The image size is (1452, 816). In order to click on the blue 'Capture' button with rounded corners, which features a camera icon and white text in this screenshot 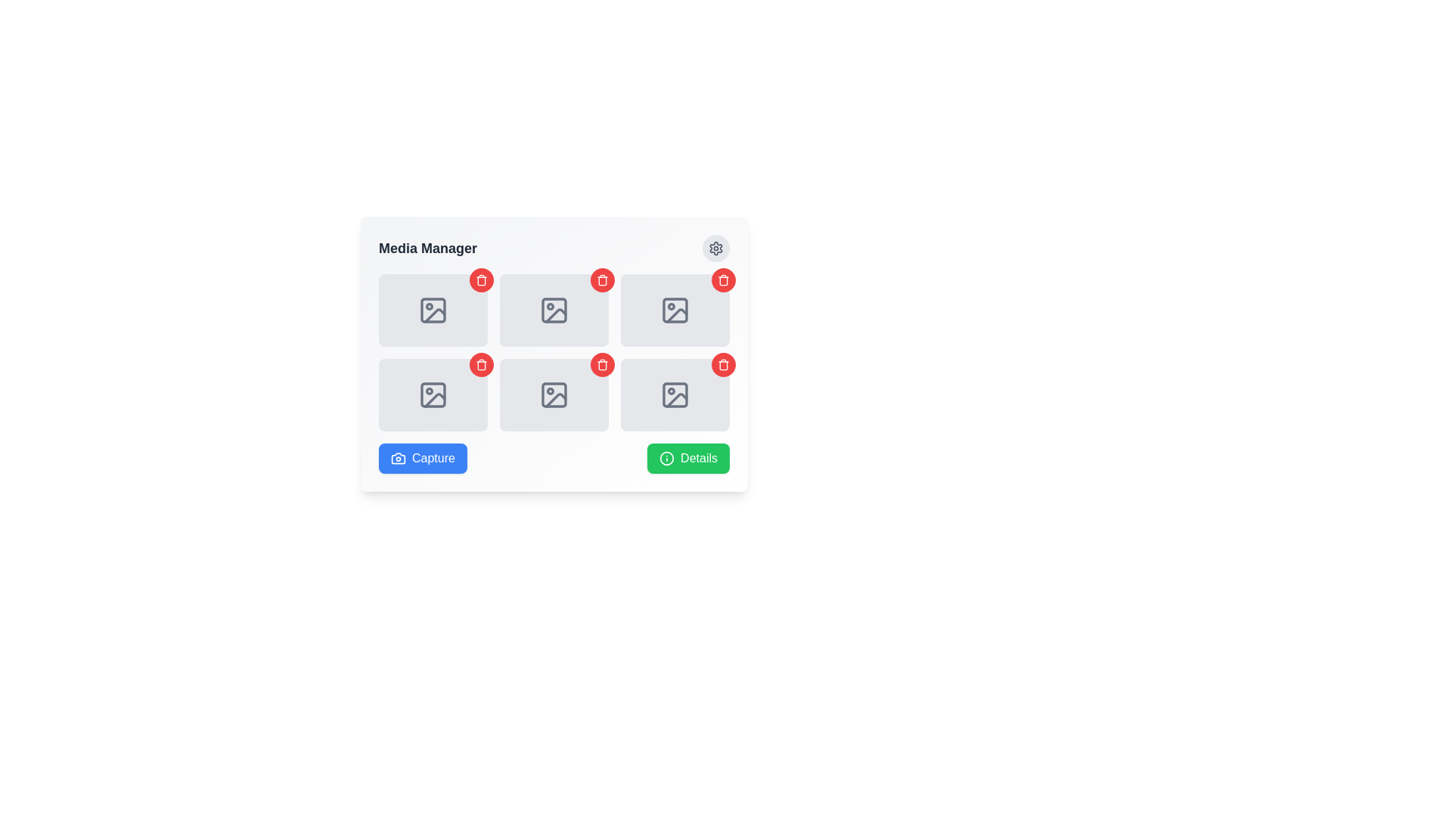, I will do `click(423, 457)`.